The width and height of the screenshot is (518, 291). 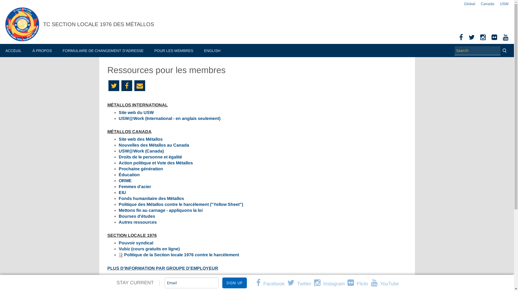 What do you see at coordinates (162, 268) in the screenshot?
I see `'PLUS D'INFORMATION PAR GROUPE D'EMPLOYEUR'` at bounding box center [162, 268].